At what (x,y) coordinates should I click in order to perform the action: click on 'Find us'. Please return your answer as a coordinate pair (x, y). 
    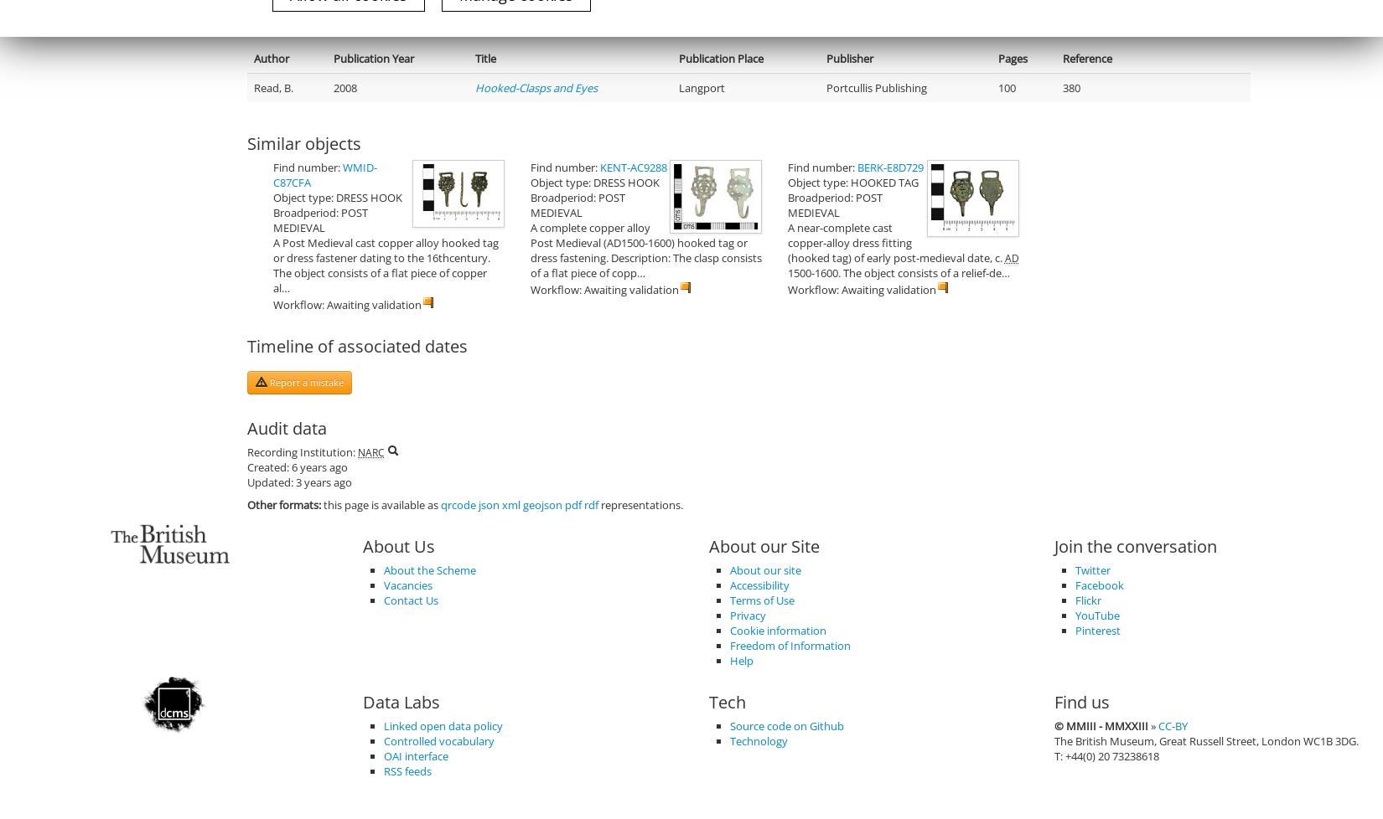
    Looking at the image, I should click on (1080, 701).